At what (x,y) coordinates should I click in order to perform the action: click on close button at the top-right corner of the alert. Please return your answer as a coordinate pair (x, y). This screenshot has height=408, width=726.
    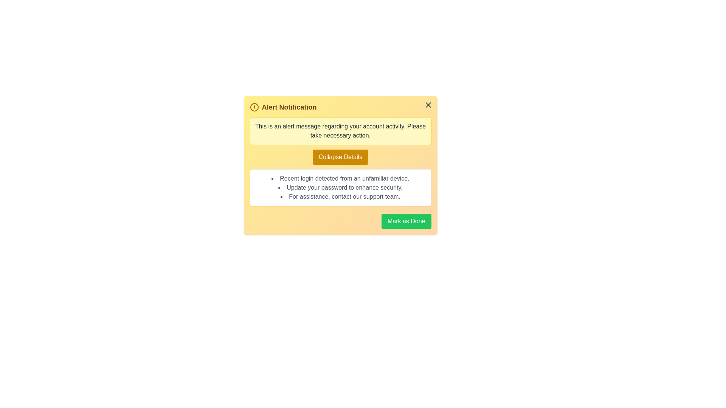
    Looking at the image, I should click on (428, 105).